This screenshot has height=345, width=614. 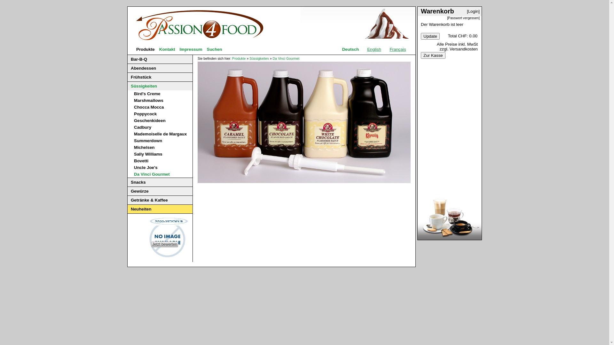 I want to click on 'Update', so click(x=421, y=36).